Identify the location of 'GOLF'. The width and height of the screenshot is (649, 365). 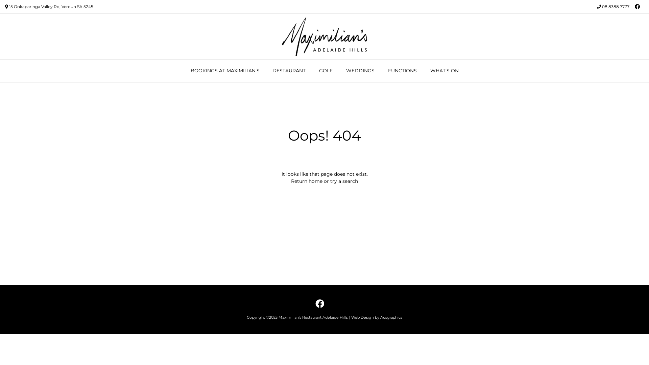
(326, 71).